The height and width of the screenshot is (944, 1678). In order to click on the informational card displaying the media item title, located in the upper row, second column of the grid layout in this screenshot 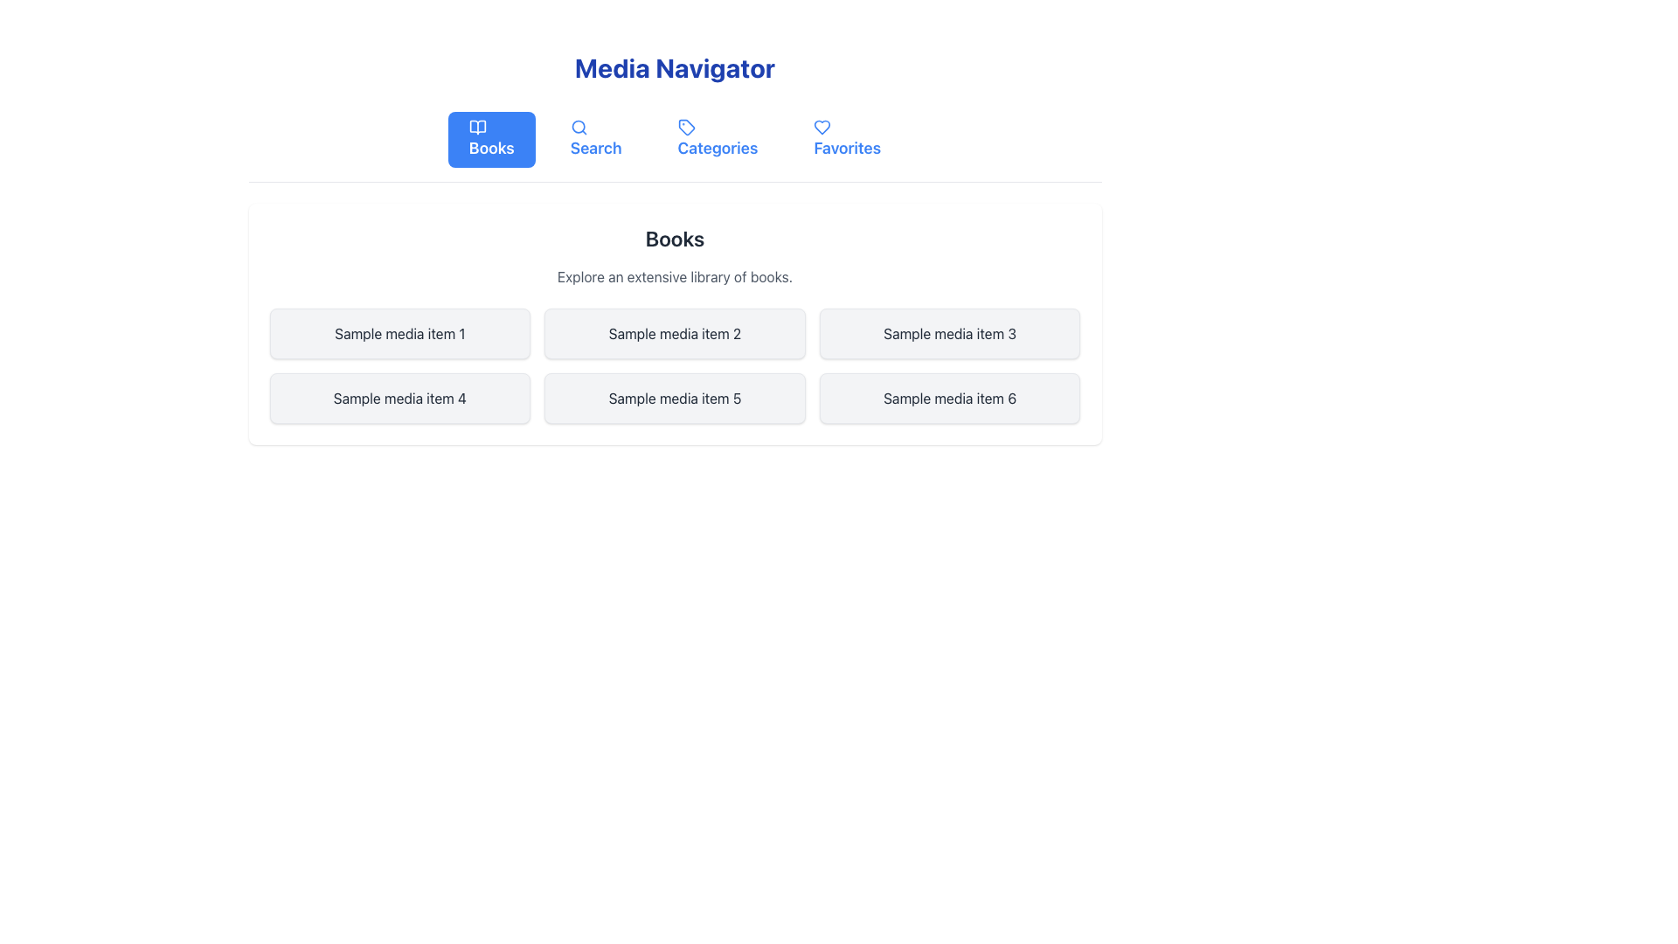, I will do `click(674, 333)`.